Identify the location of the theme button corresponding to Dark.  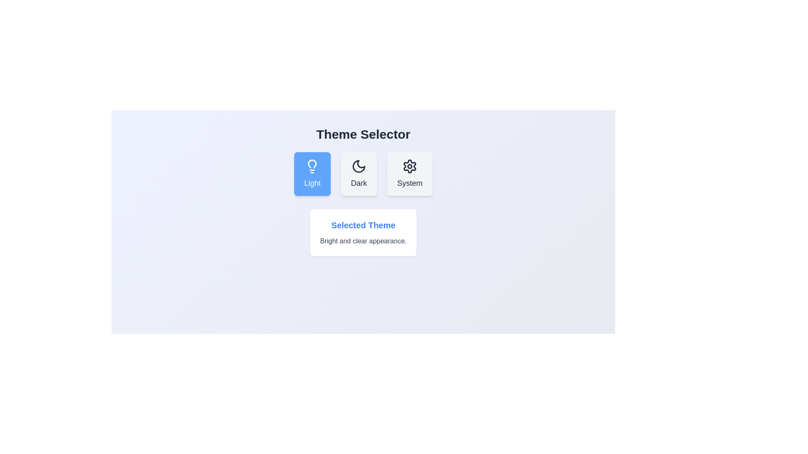
(359, 173).